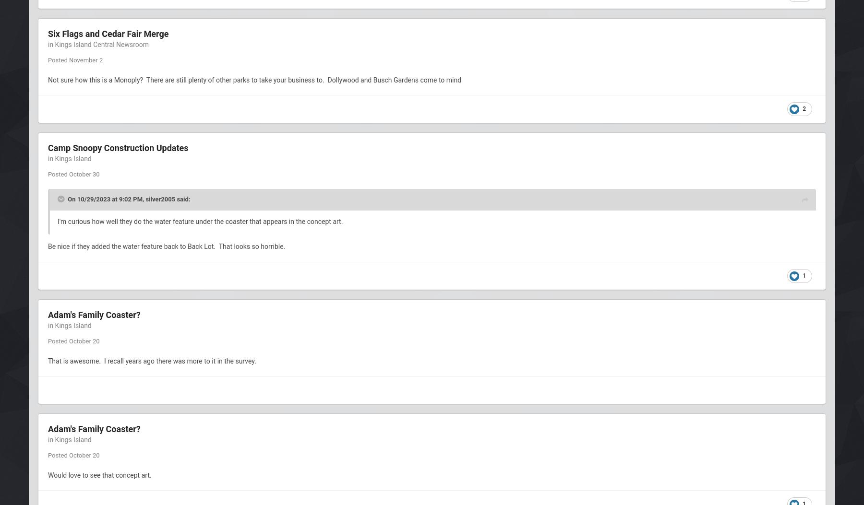 The height and width of the screenshot is (505, 864). Describe the element at coordinates (201, 221) in the screenshot. I see `'I'm curious how well they do the water feature under the coaster that appears in the concept art.'` at that location.